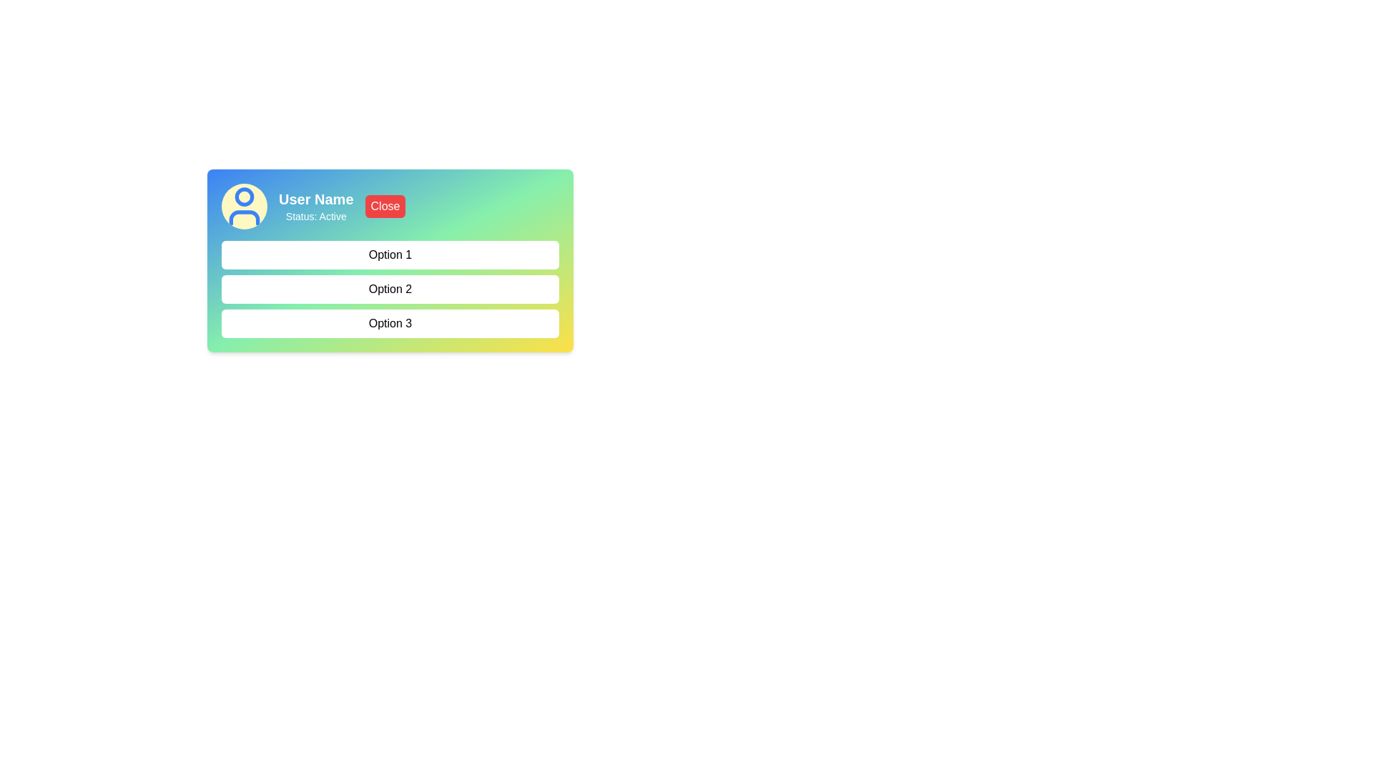 Image resolution: width=1373 pixels, height=772 pixels. Describe the element at coordinates (244, 207) in the screenshot. I see `the circular user icon featuring a blue silhouette on a yellow background, positioned to the left of the 'User Name' text` at that location.